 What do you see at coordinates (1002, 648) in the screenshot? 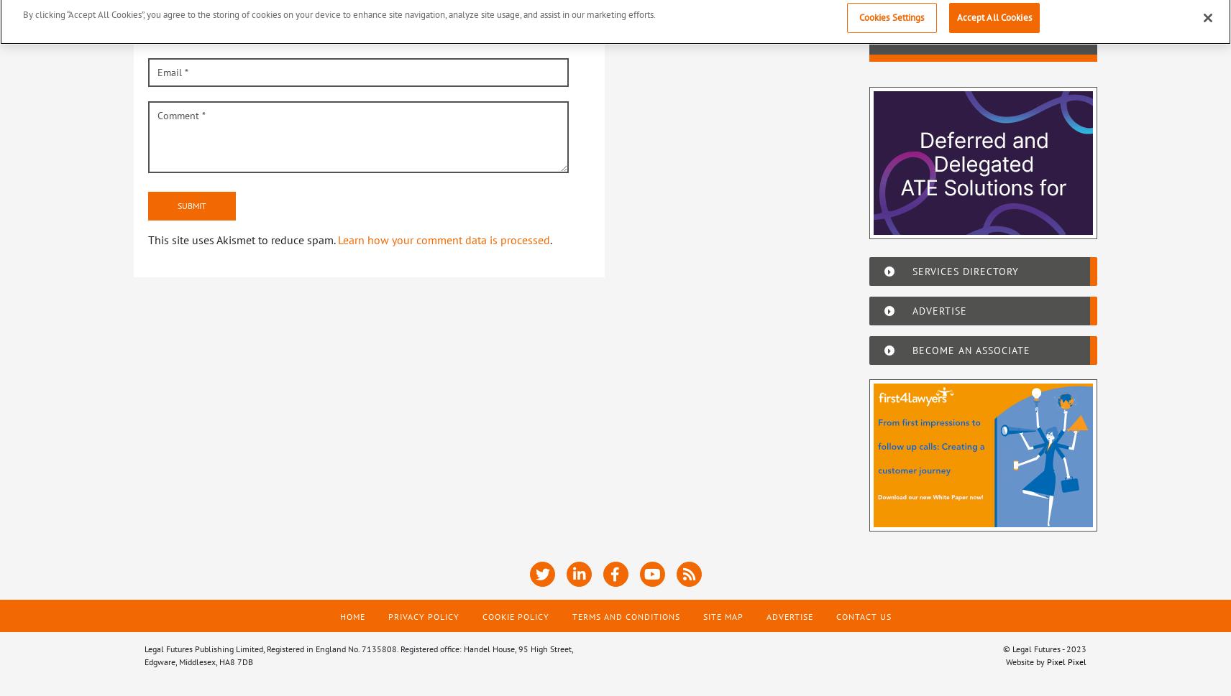
I see `'© Legal Futures - 2023'` at bounding box center [1002, 648].